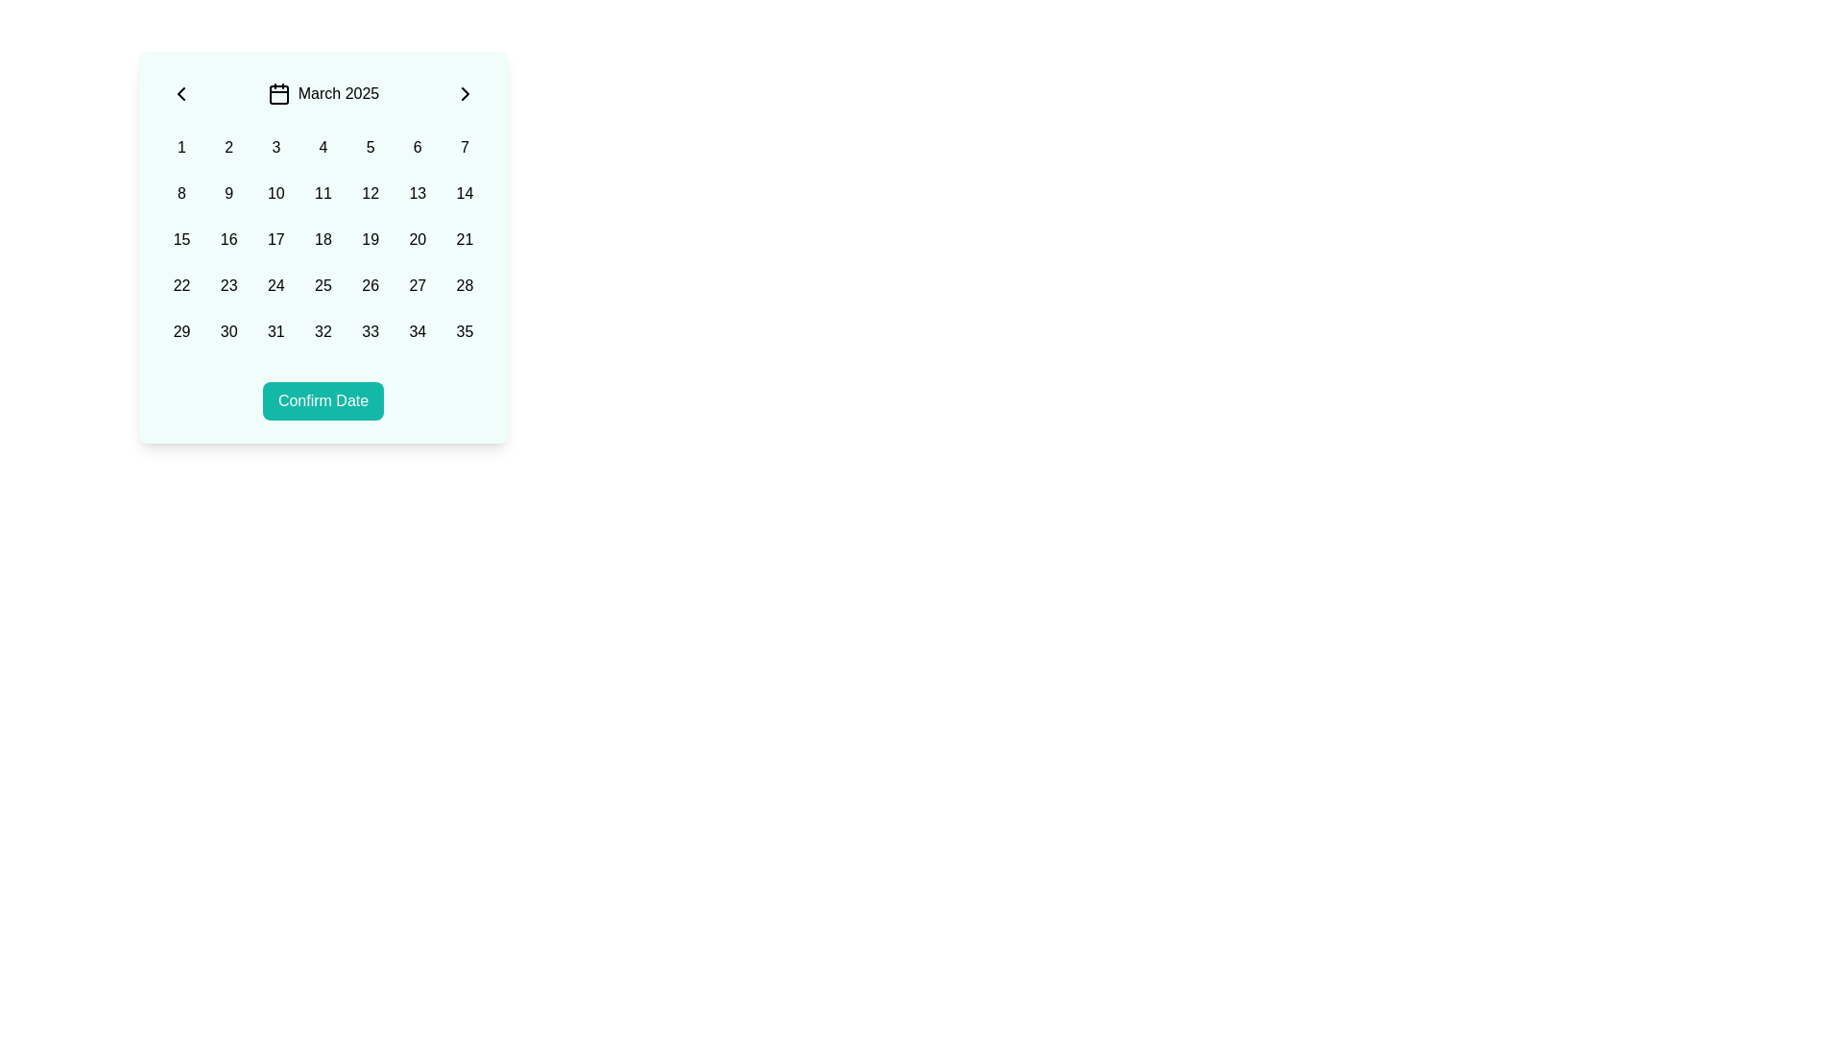 This screenshot has height=1037, width=1843. What do you see at coordinates (323, 285) in the screenshot?
I see `the clickable date selection button located in the fourth row of the 7-column grid layout` at bounding box center [323, 285].